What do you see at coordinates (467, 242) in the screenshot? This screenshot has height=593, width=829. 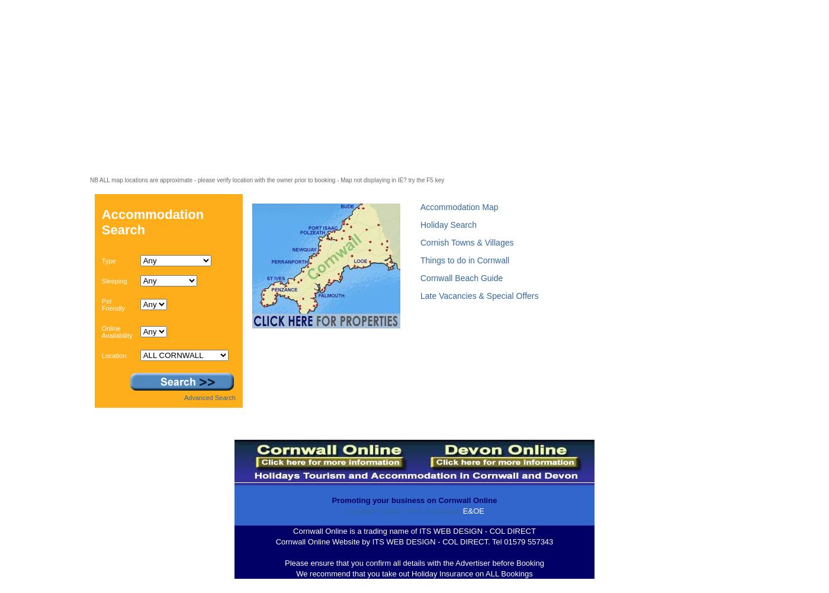 I see `'Cornish Towns & 
                Villages'` at bounding box center [467, 242].